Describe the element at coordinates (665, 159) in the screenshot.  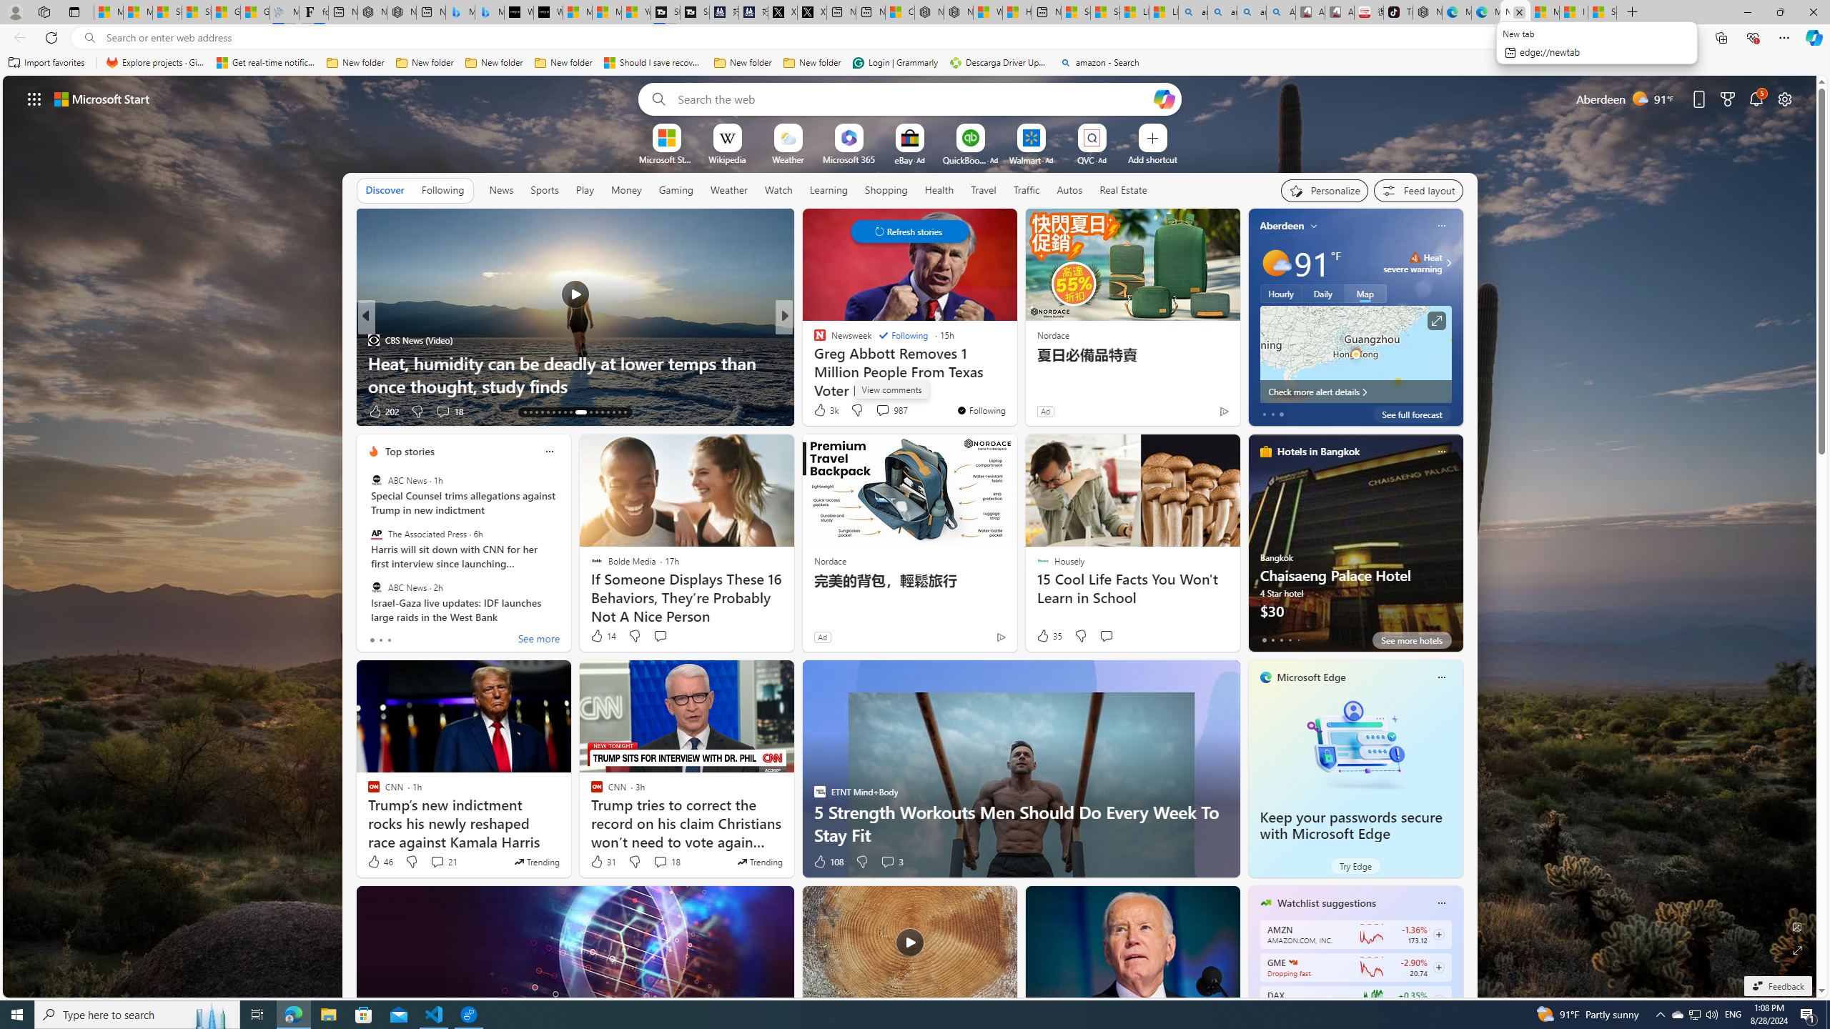
I see `'Microsoft Start Sports'` at that location.